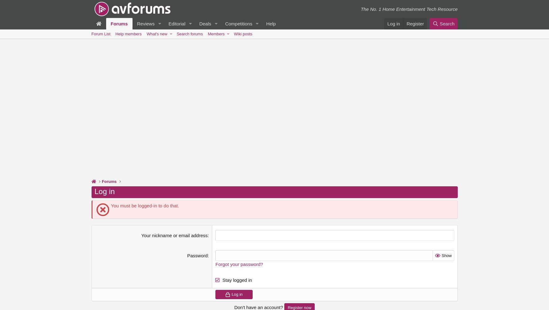 This screenshot has width=549, height=310. What do you see at coordinates (177, 23) in the screenshot?
I see `'Editorial'` at bounding box center [177, 23].